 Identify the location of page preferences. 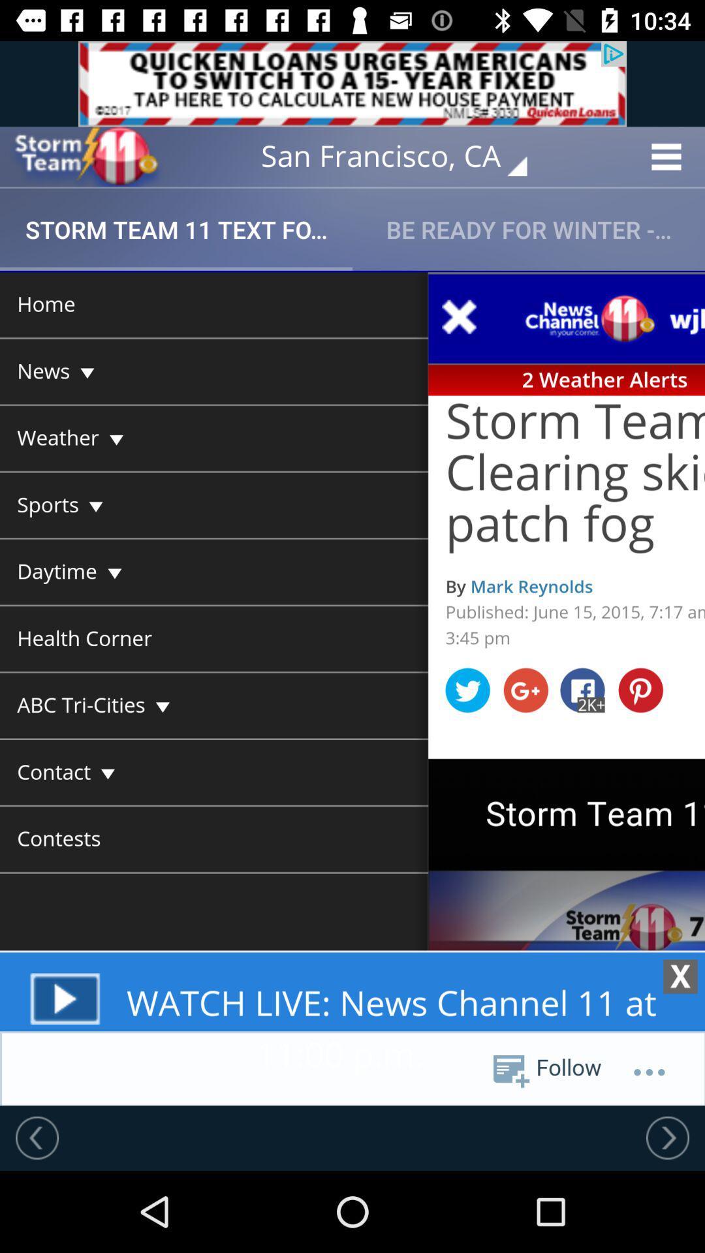
(352, 687).